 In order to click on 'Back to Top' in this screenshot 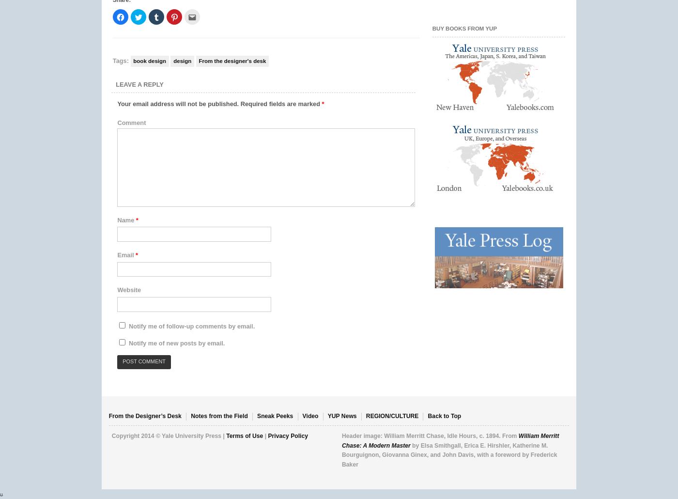, I will do `click(444, 416)`.